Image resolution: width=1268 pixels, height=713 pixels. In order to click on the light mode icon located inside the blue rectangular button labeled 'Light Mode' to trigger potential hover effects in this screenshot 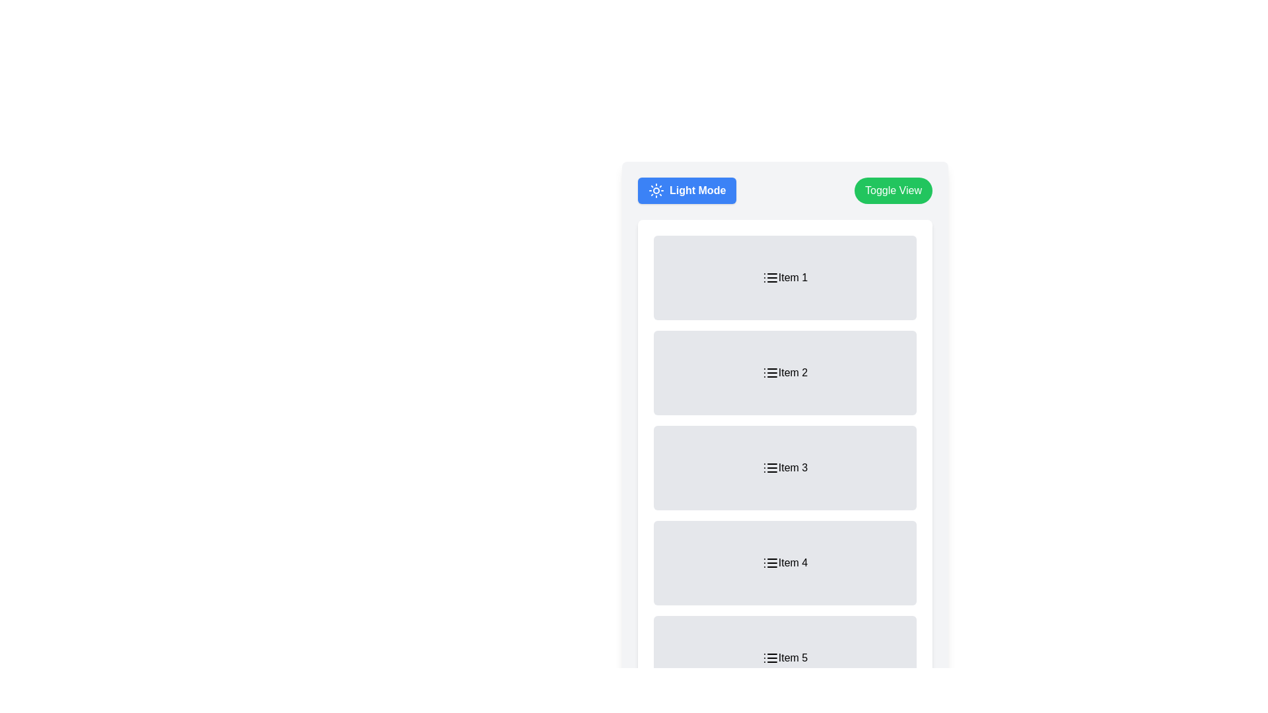, I will do `click(656, 191)`.